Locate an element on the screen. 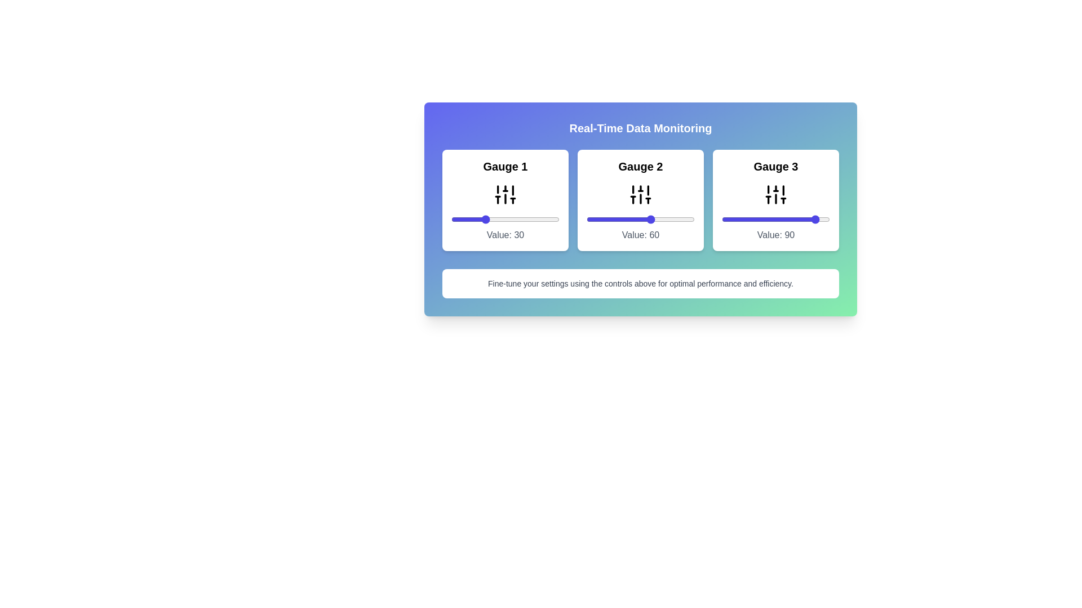 The height and width of the screenshot is (608, 1082). the vertical sliders icon located centrally within the 'Gauge 1' card, which consists of three vertical bars with horizontal handles is located at coordinates (505, 194).